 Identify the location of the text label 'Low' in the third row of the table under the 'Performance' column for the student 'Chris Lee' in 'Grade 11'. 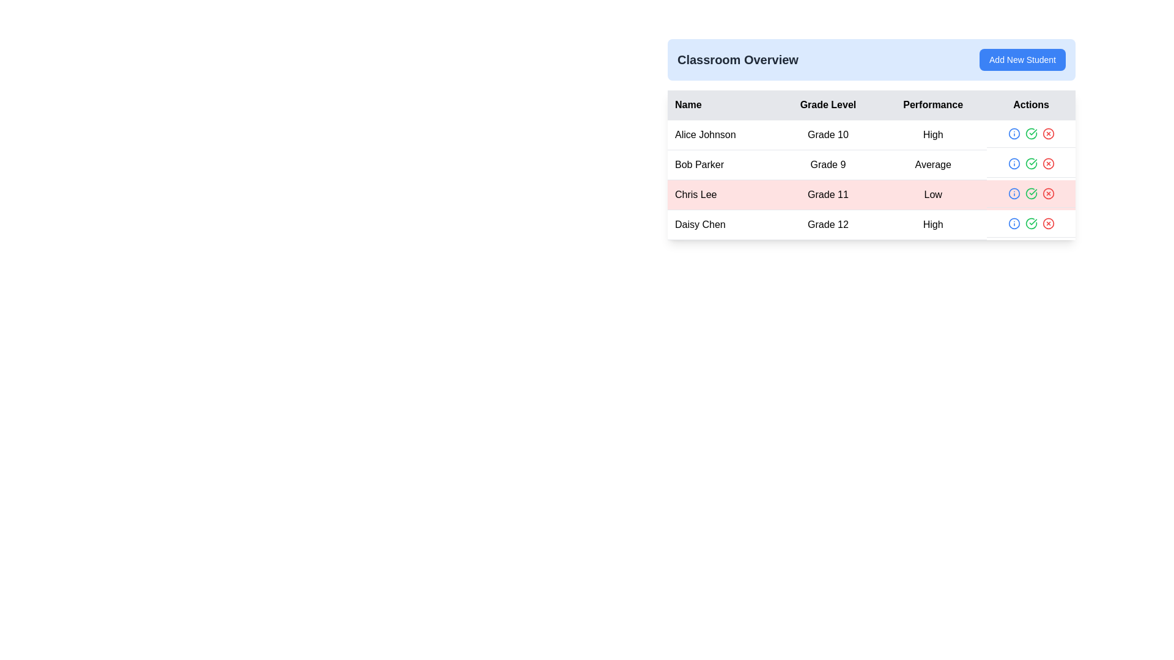
(932, 194).